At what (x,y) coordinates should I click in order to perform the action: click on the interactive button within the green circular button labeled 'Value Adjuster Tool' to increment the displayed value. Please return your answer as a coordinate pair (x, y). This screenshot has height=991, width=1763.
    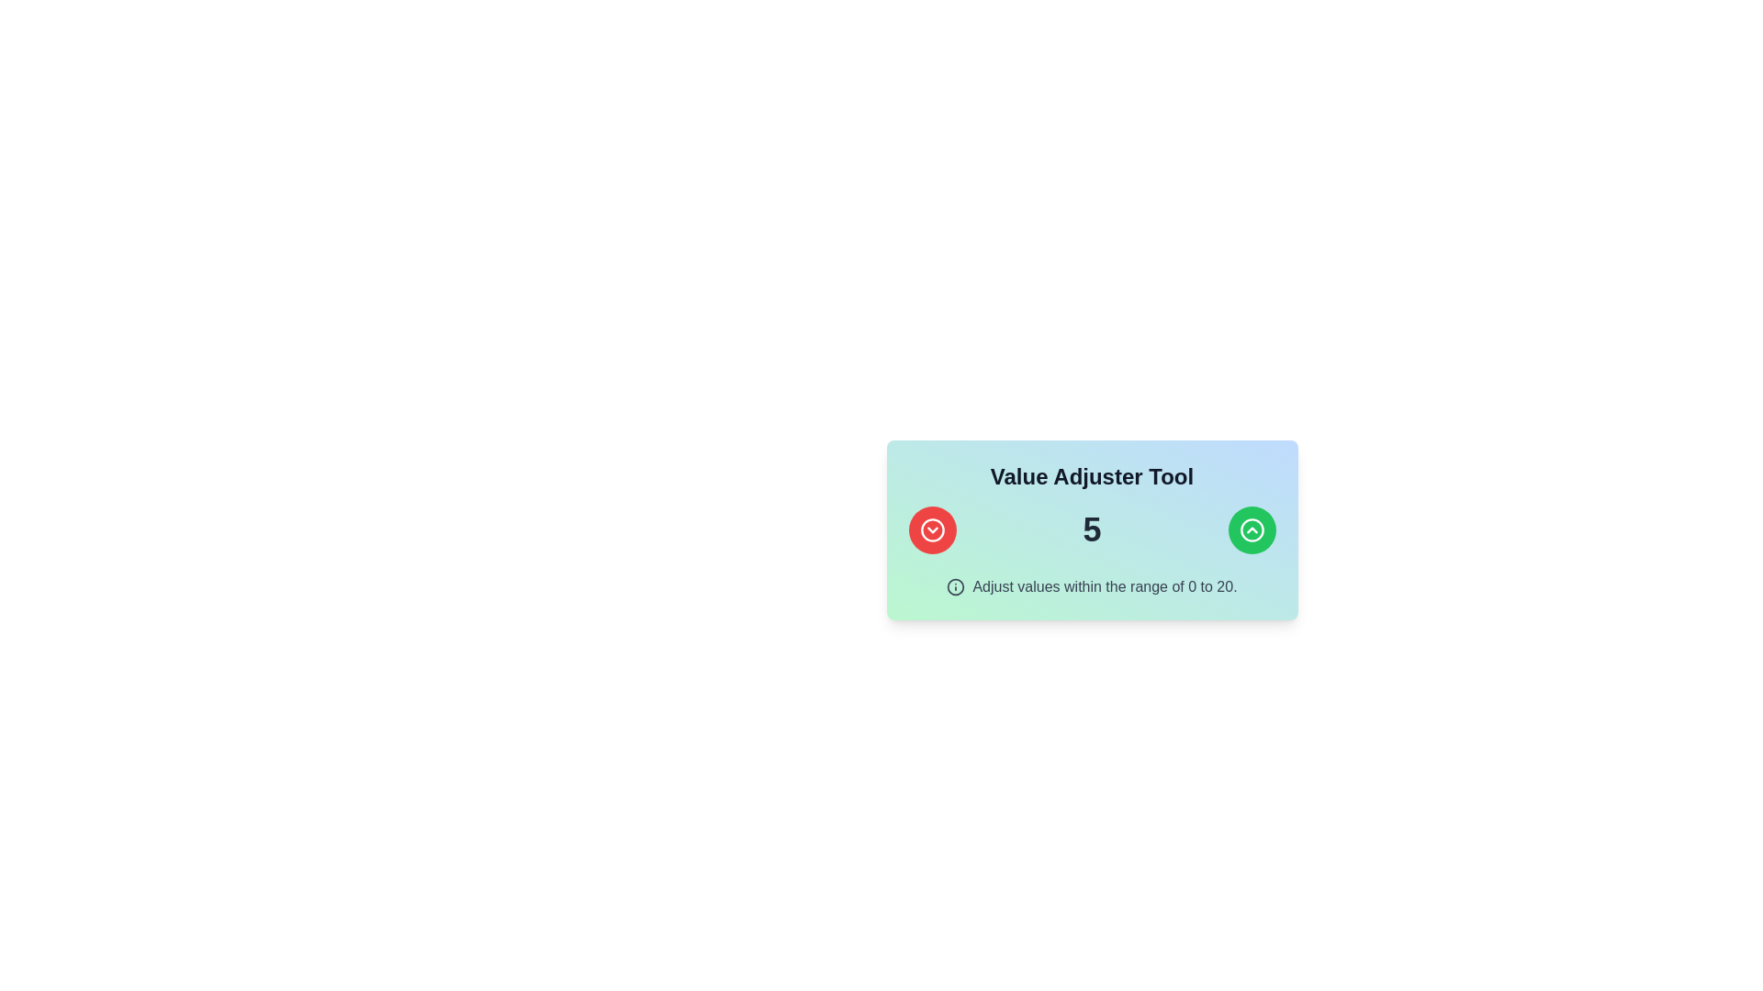
    Looking at the image, I should click on (1251, 530).